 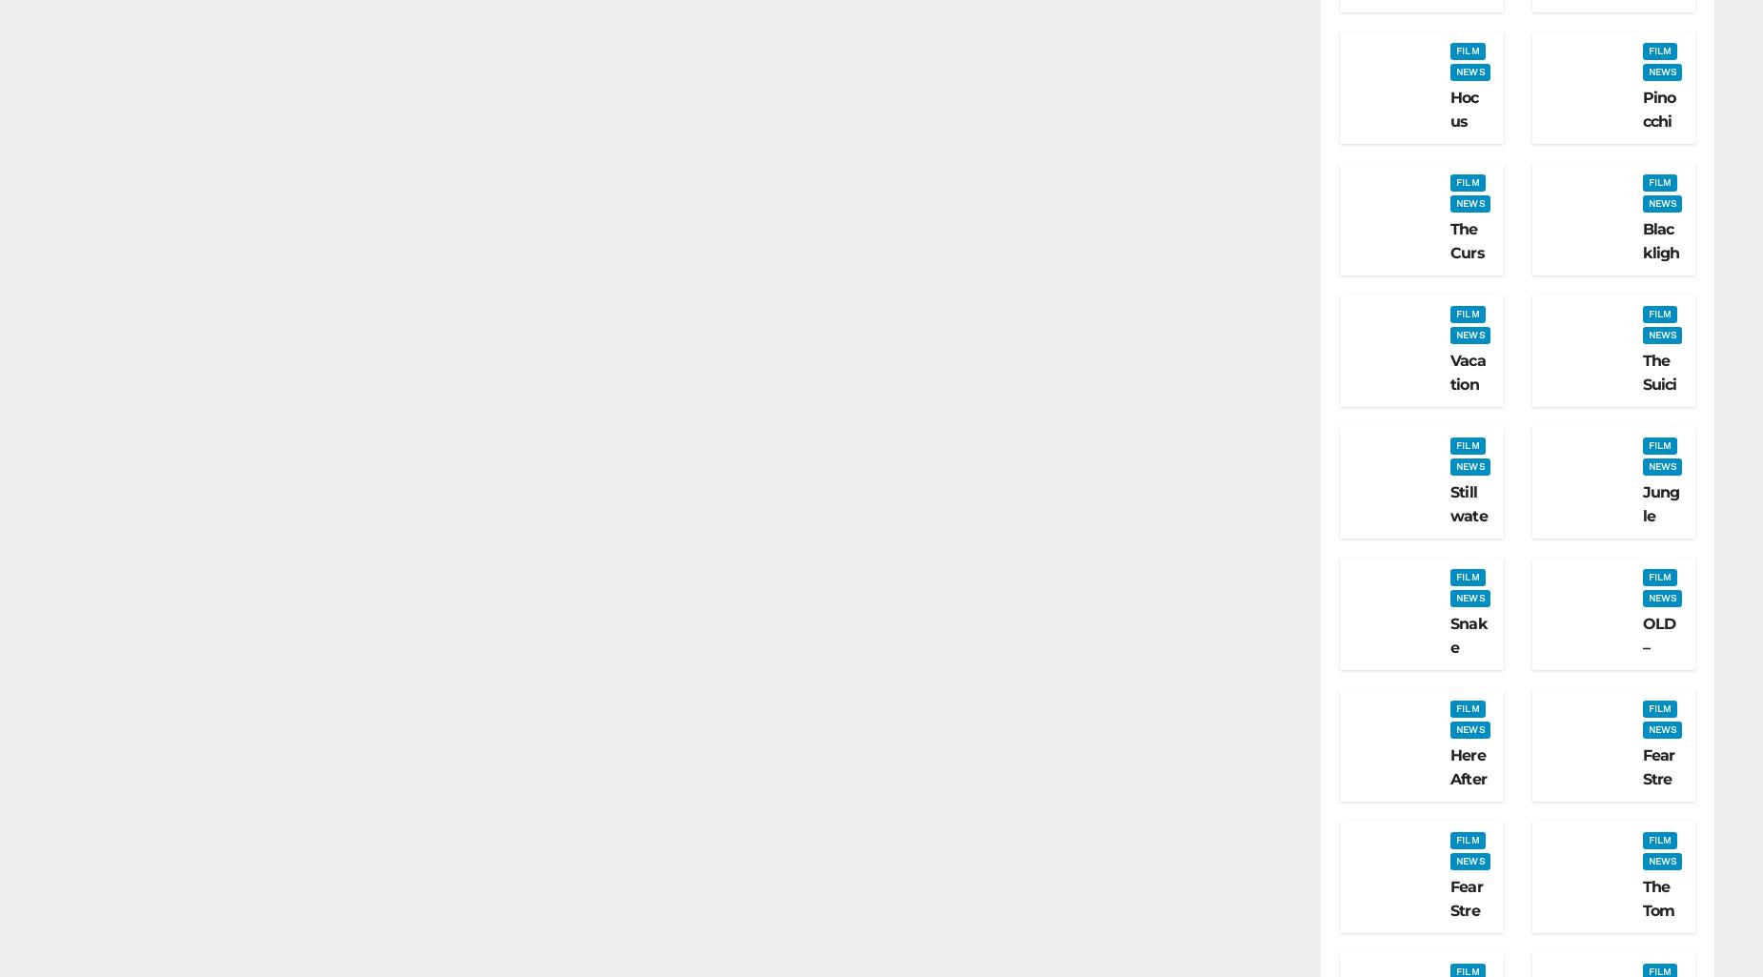 I want to click on 'Vacation Friends – Film Review', so click(x=1469, y=431).